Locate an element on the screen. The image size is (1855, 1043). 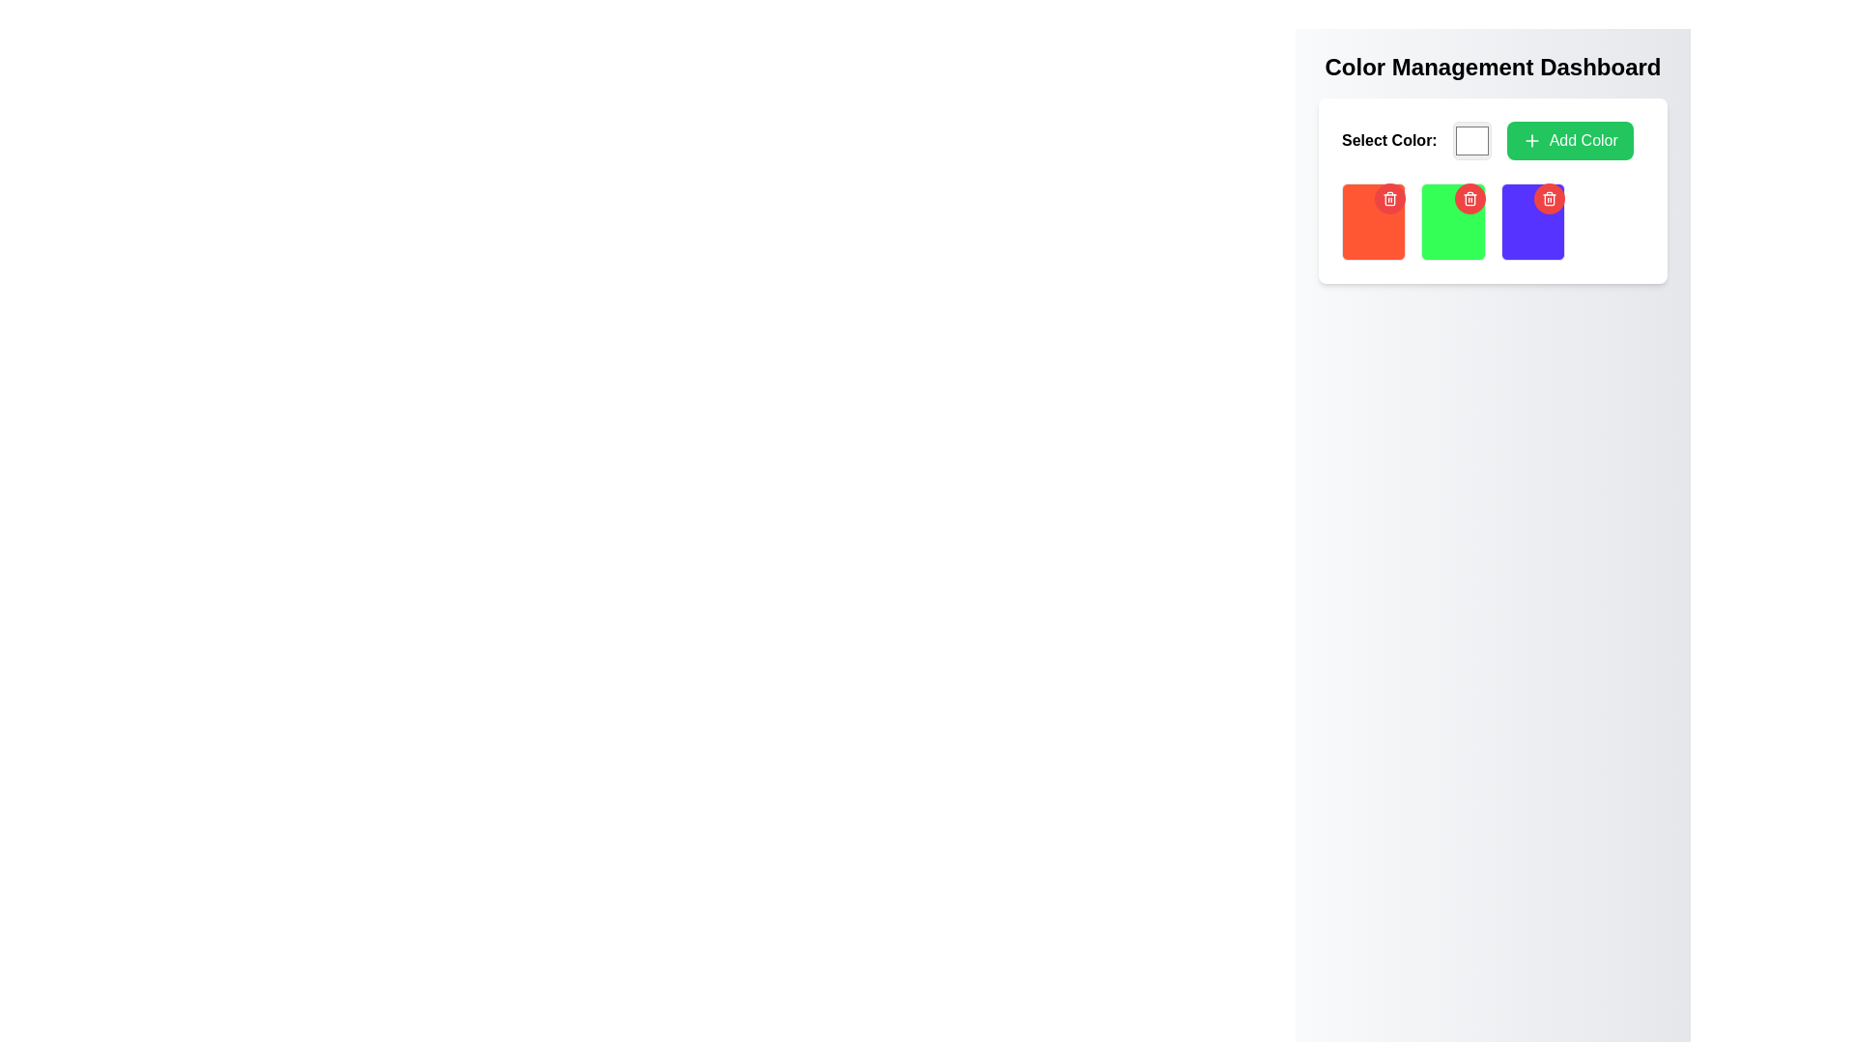
label that displays 'Select Color:' in bold black text, located near the top-left of the color management panel is located at coordinates (1388, 140).